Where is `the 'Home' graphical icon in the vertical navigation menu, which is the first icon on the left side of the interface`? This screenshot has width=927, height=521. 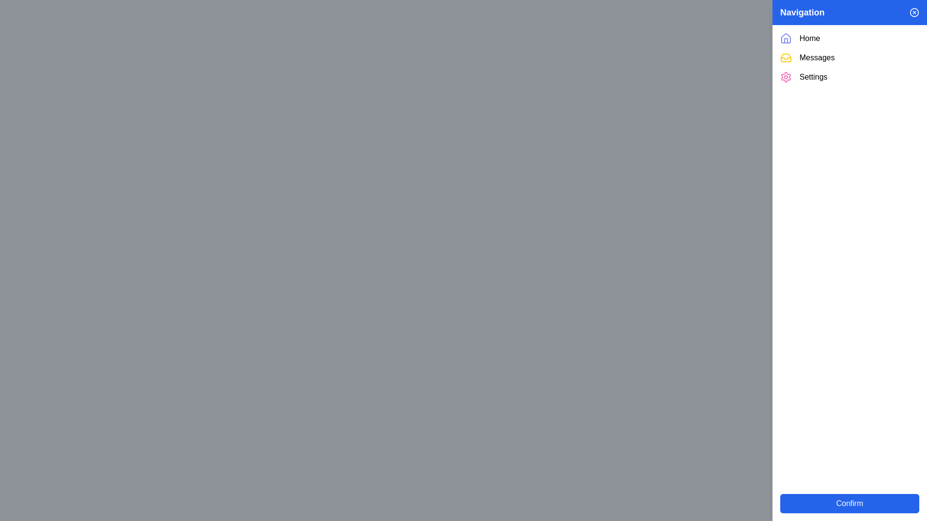
the 'Home' graphical icon in the vertical navigation menu, which is the first icon on the left side of the interface is located at coordinates (786, 38).